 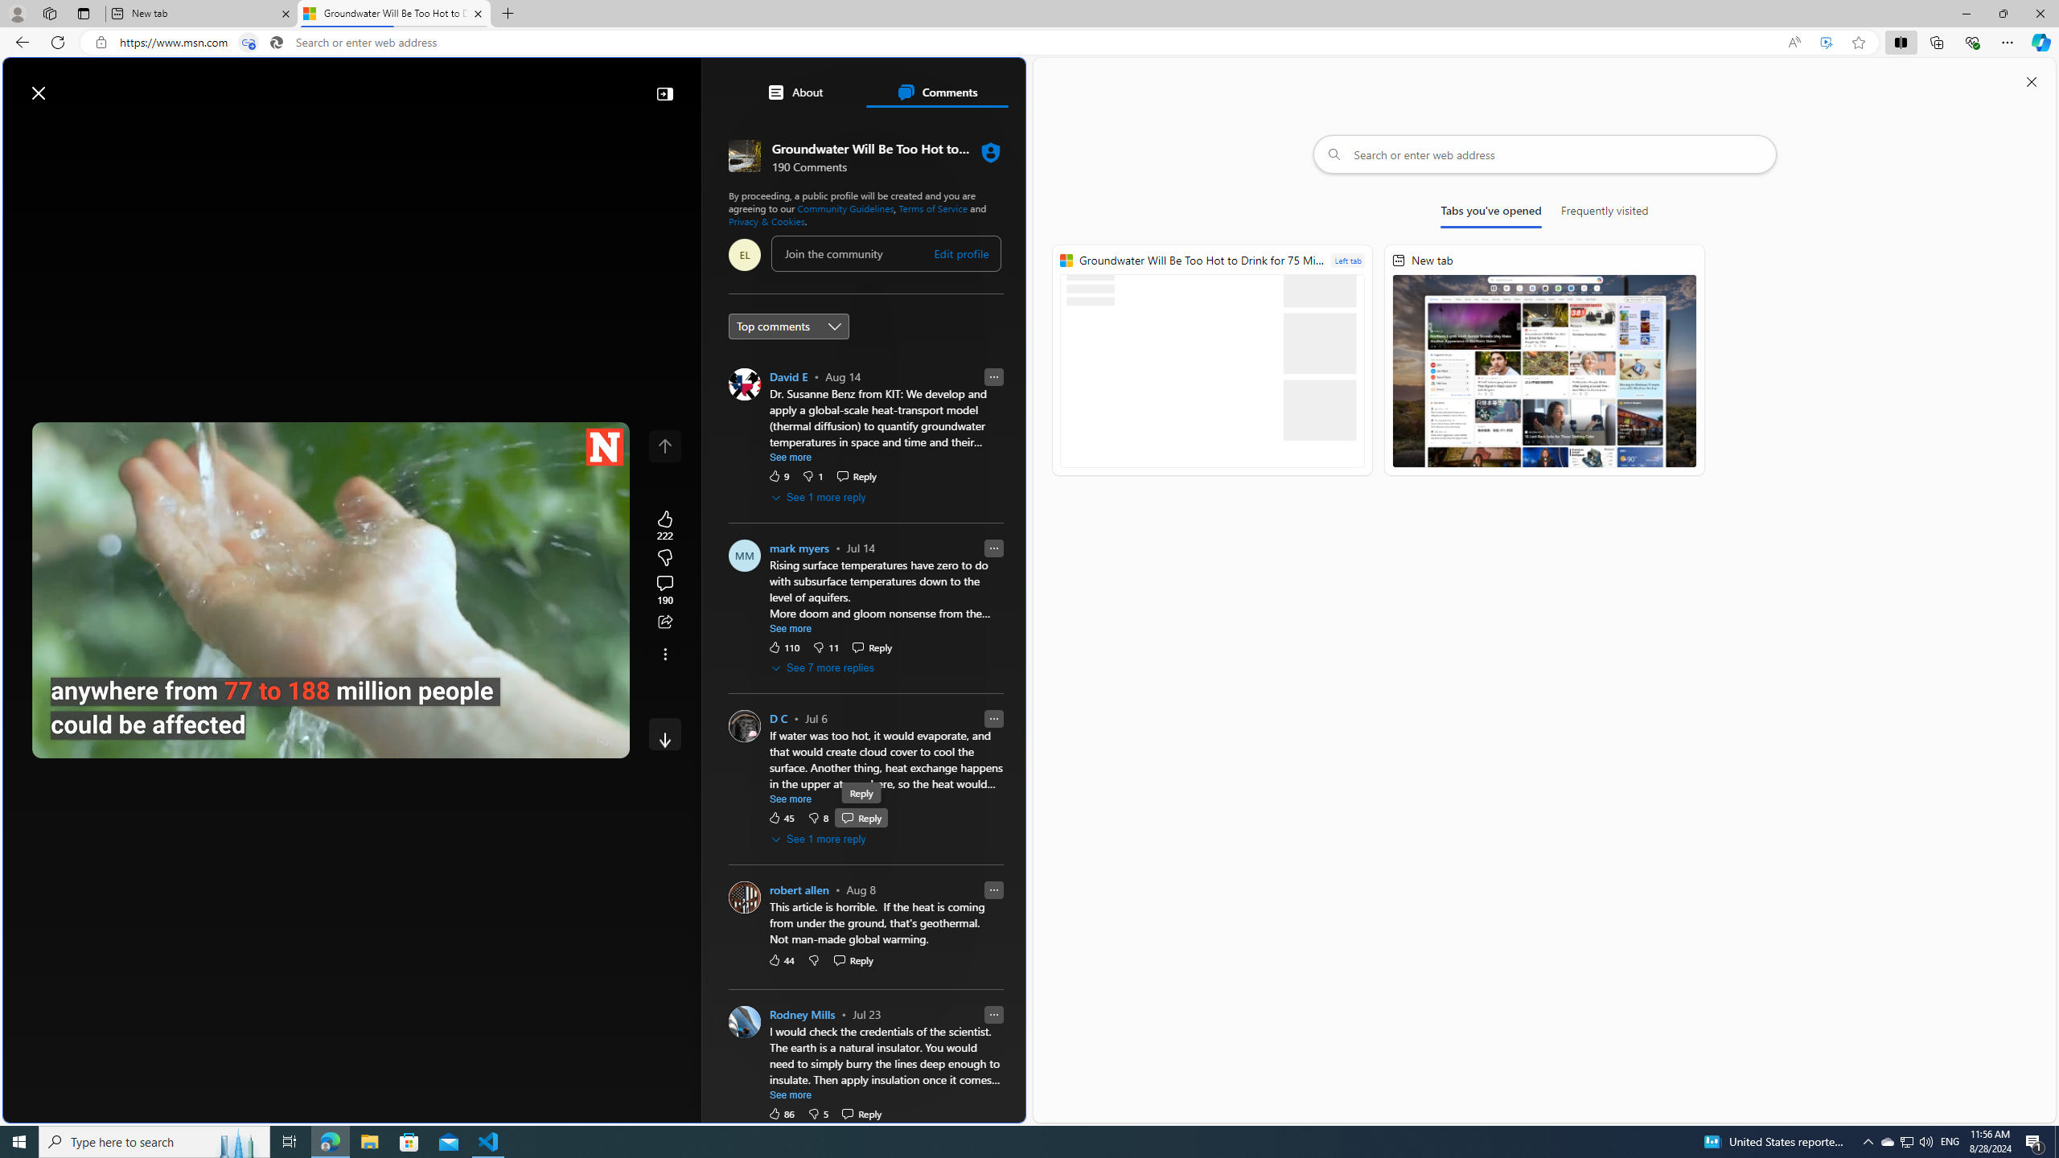 I want to click on 'Comments', so click(x=935, y=92).